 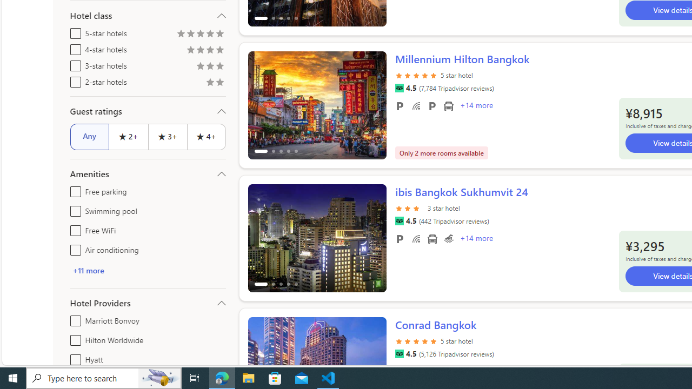 What do you see at coordinates (207, 136) in the screenshot?
I see `'4+'` at bounding box center [207, 136].